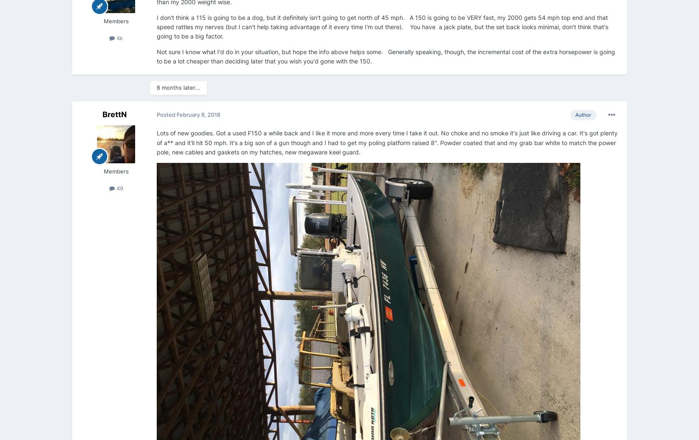  I want to click on 'Lots of new goodies. Got a used F150 a while back and I like it more and more every time I take it out. No choke and no smoke it's just like driving a car. It's got plenty of a** and it'll hit 50 mph. It's a big son of a gun though and I had to get my poling platform raised 8". Powder coated that and my grab bar white to match the power pole, new cables and gaskets on my hatches, new megaware keel guard.', so click(387, 142).